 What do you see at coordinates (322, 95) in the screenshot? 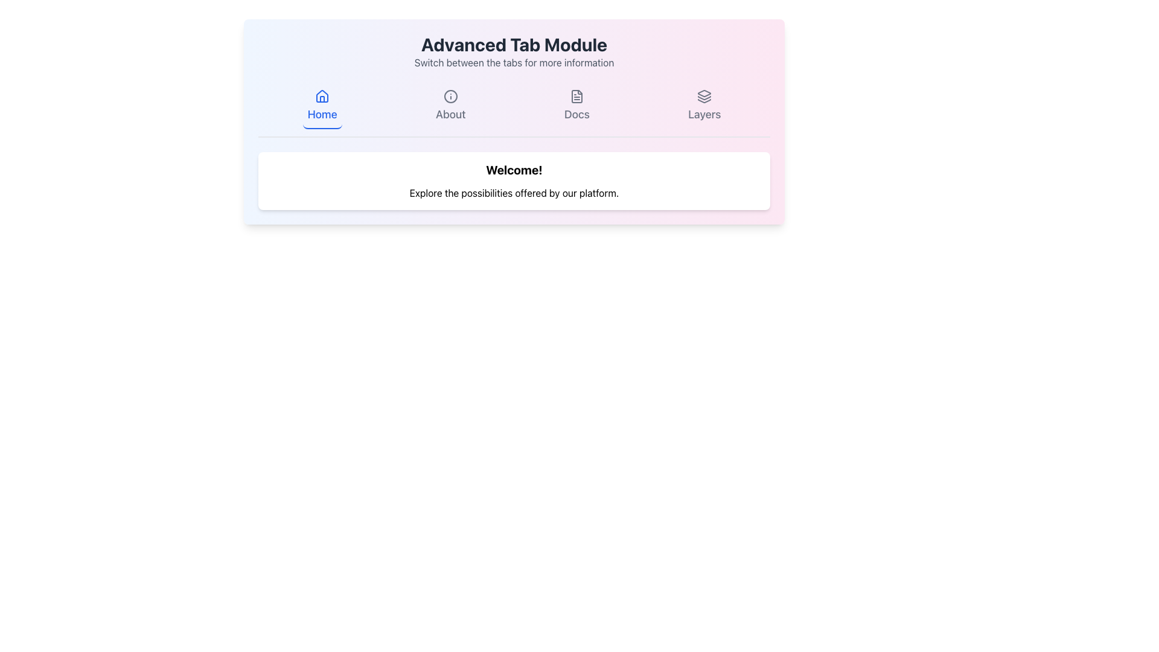
I see `the 'Home' icon located at the top-left side of the navigation bar` at bounding box center [322, 95].